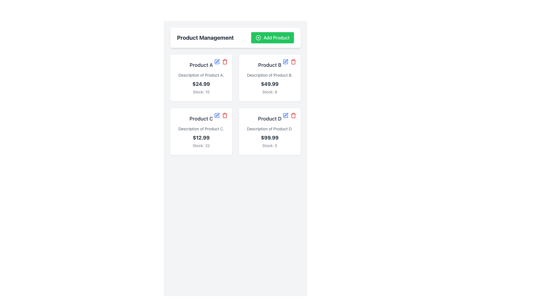 This screenshot has width=537, height=302. What do you see at coordinates (270, 65) in the screenshot?
I see `product name text displayed as the primary title within the card representing 'Product B' located in the upper right quadrant of a four-card grid layout` at bounding box center [270, 65].